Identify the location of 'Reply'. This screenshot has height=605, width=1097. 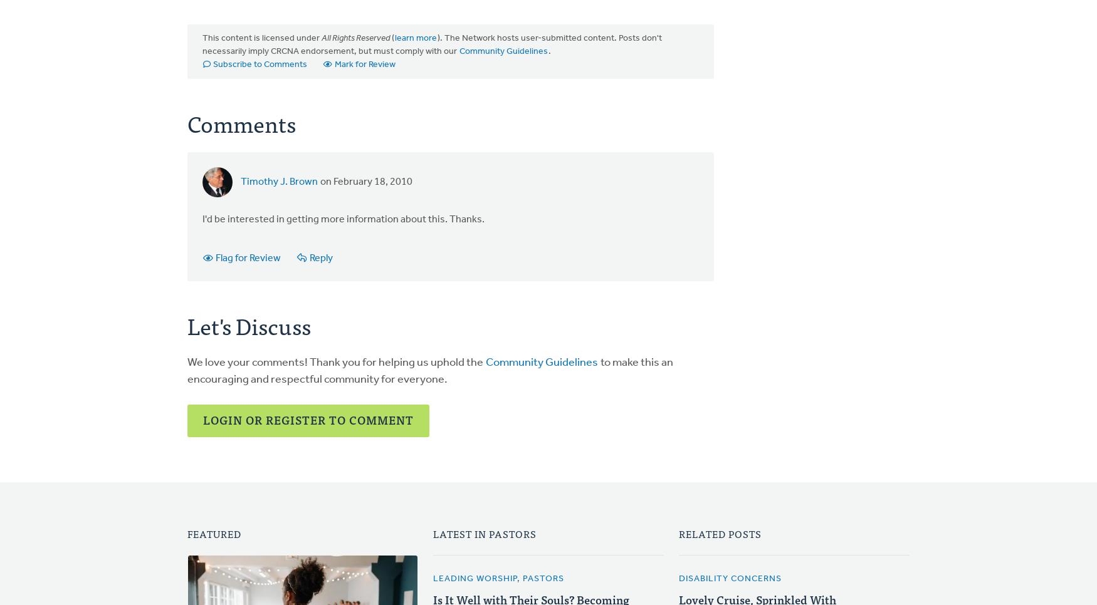
(320, 258).